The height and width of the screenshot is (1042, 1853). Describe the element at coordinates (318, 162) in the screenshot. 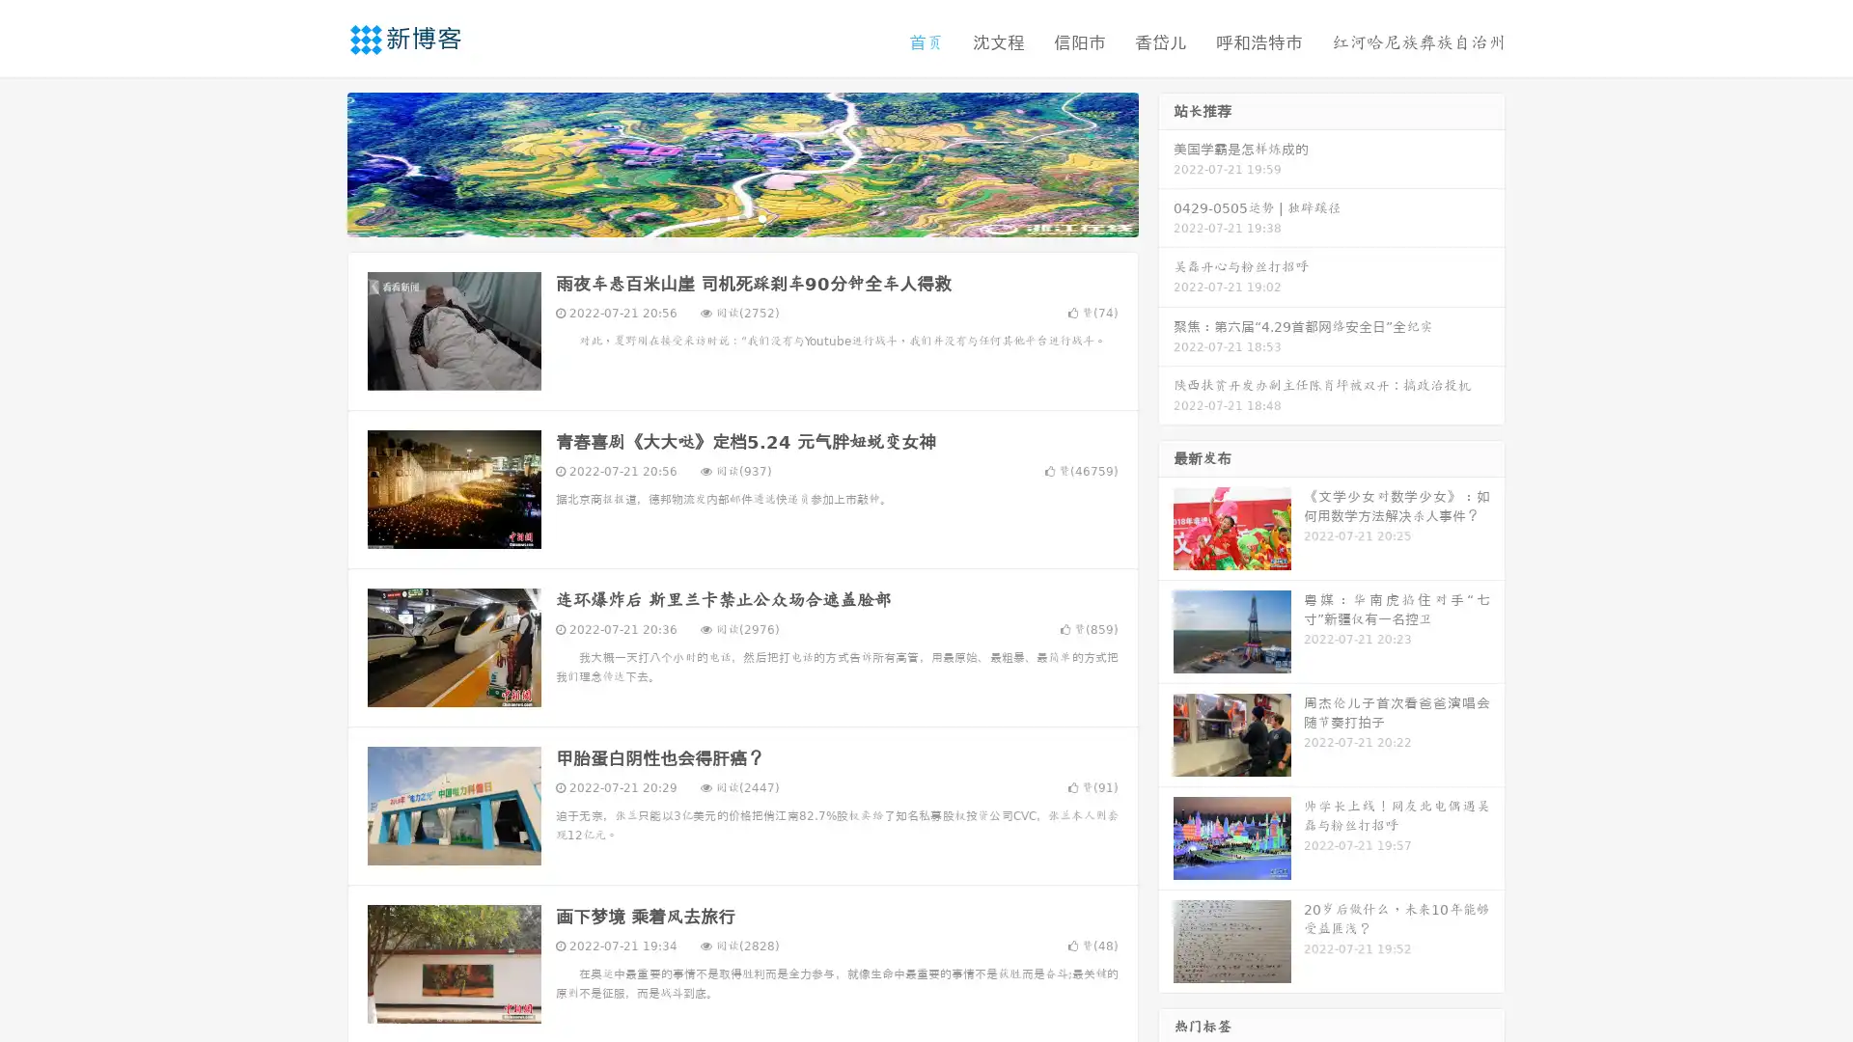

I see `Previous slide` at that location.